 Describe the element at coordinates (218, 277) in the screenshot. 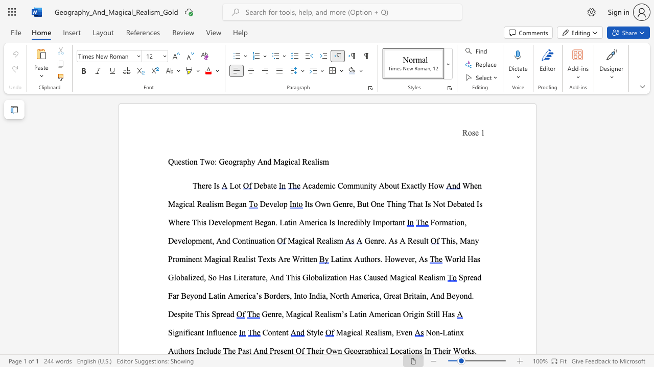

I see `the subset text "Has Lit" within the text "World Has Globalized, So Has Literature, And This Globalization Has Caused Magical Realism"` at that location.